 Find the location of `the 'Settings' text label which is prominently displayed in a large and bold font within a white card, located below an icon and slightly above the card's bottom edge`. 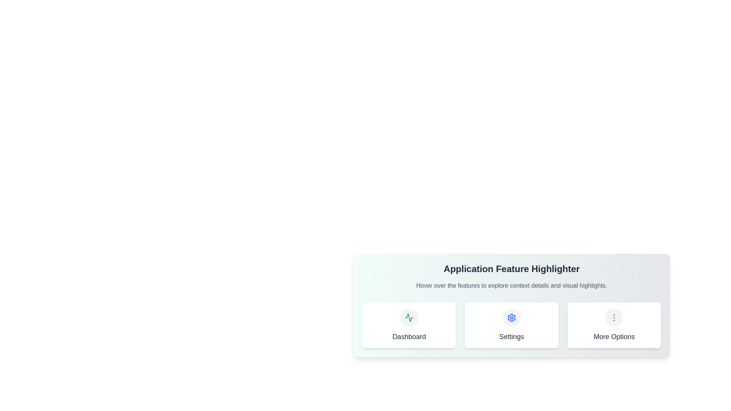

the 'Settings' text label which is prominently displayed in a large and bold font within a white card, located below an icon and slightly above the card's bottom edge is located at coordinates (512, 336).